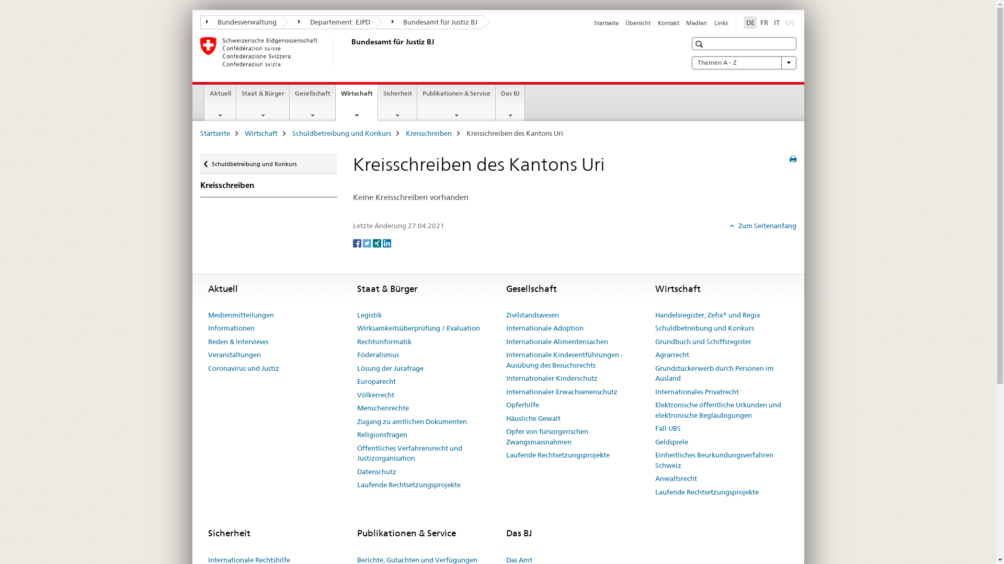 The height and width of the screenshot is (564, 1004). I want to click on 'DE', so click(749, 22).